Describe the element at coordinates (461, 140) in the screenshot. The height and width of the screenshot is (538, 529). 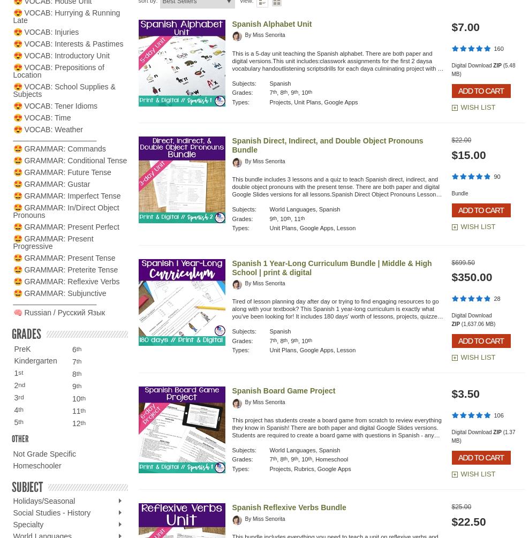
I see `'$22.00'` at that location.